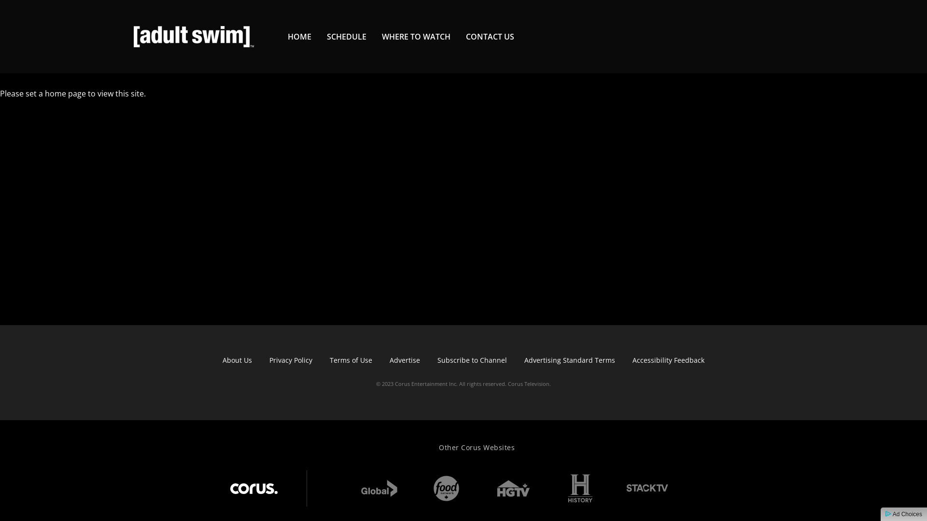 The image size is (927, 521). What do you see at coordinates (579, 488) in the screenshot?
I see `'History'` at bounding box center [579, 488].